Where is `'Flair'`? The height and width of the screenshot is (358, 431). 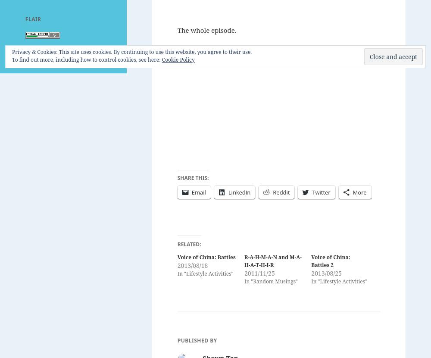
'Flair' is located at coordinates (32, 18).